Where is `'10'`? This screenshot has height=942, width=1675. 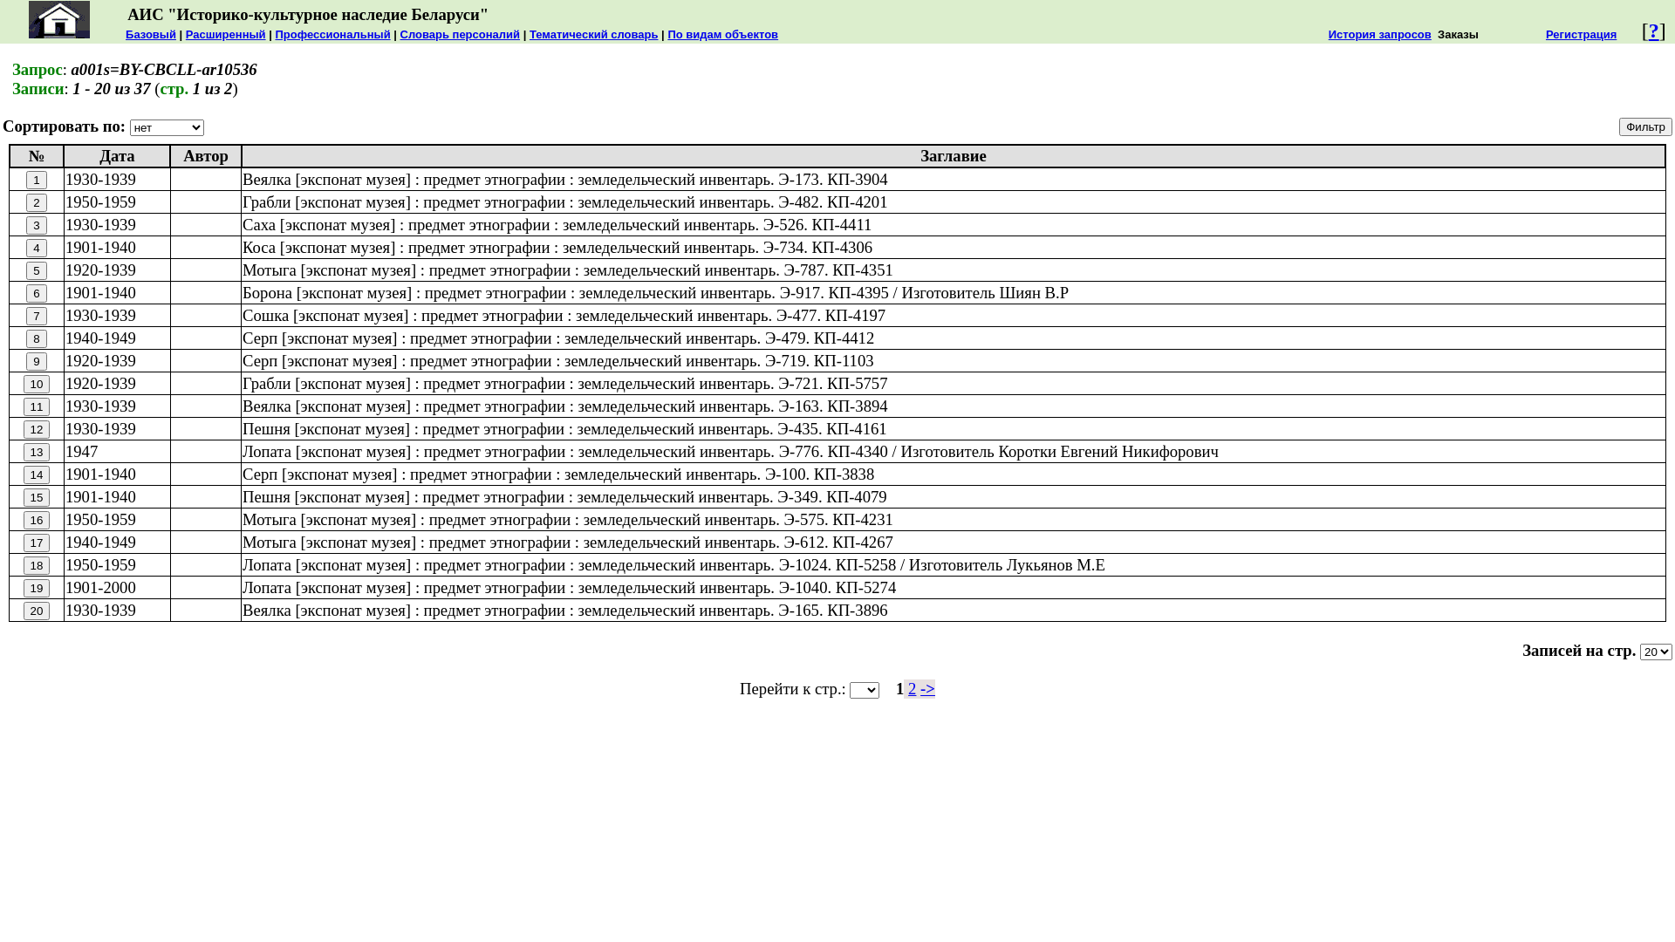 '10' is located at coordinates (37, 383).